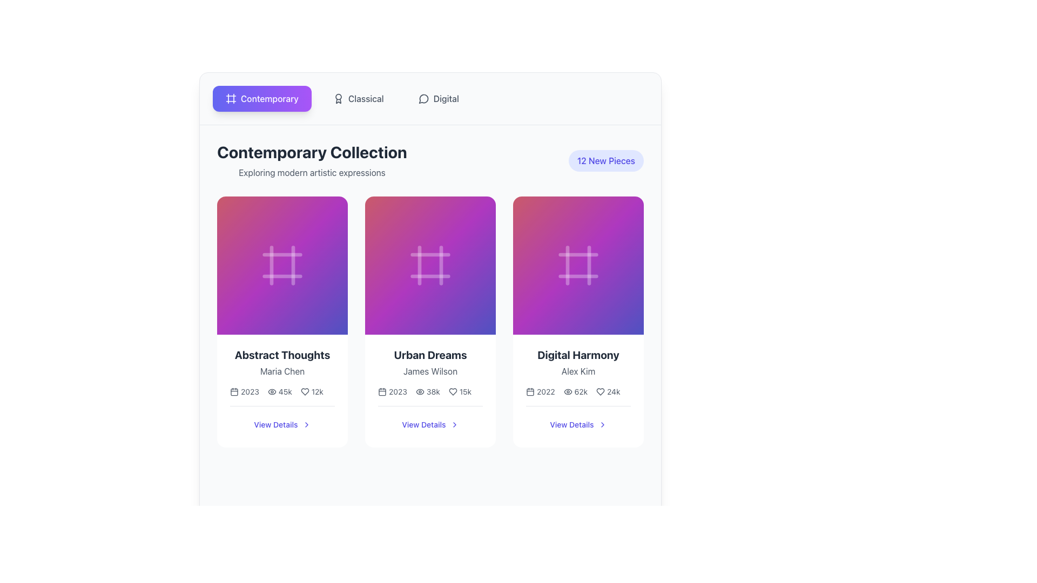 This screenshot has height=583, width=1037. I want to click on the 'View Details' button, which is a horizontally aligned button with an indigo font color and an icon resembling a right-pointing chevron, located at the bottom center of the card titled 'Abstract Thoughts' associated with 'Maria Chen', so click(282, 424).